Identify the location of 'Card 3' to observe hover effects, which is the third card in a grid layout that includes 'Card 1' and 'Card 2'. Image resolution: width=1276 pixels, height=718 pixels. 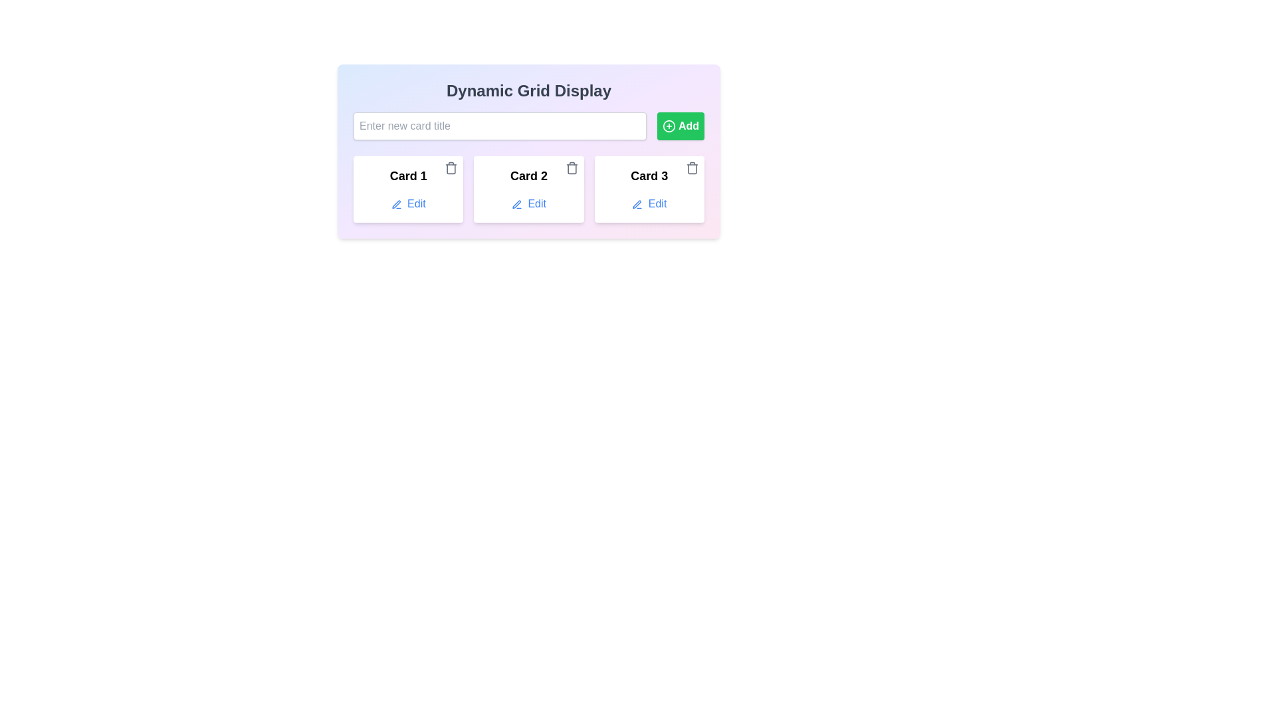
(649, 189).